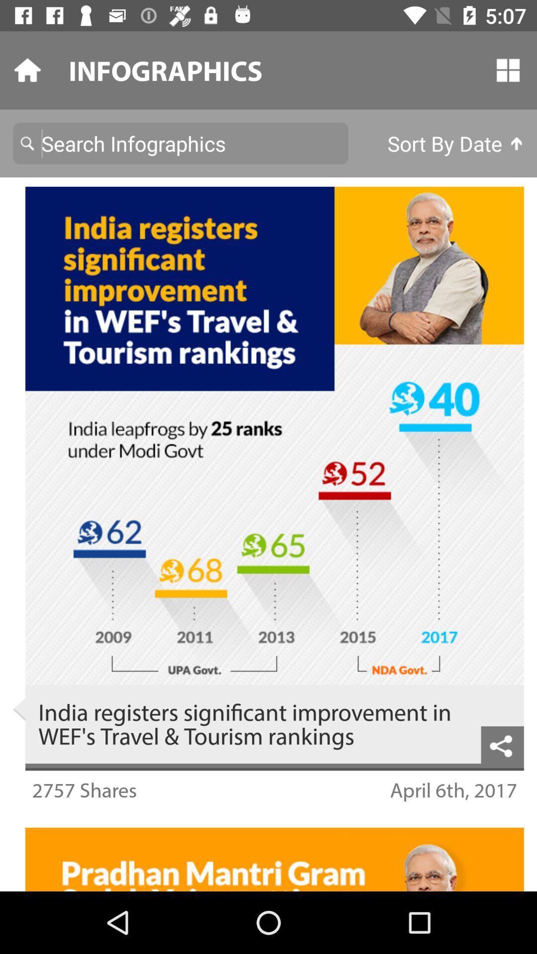  Describe the element at coordinates (502, 745) in the screenshot. I see `share the image` at that location.